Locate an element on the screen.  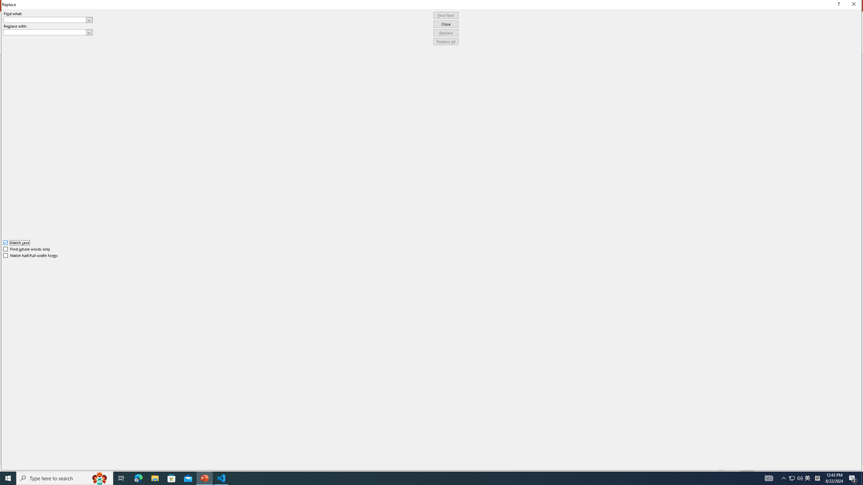
'Replace All' is located at coordinates (446, 41).